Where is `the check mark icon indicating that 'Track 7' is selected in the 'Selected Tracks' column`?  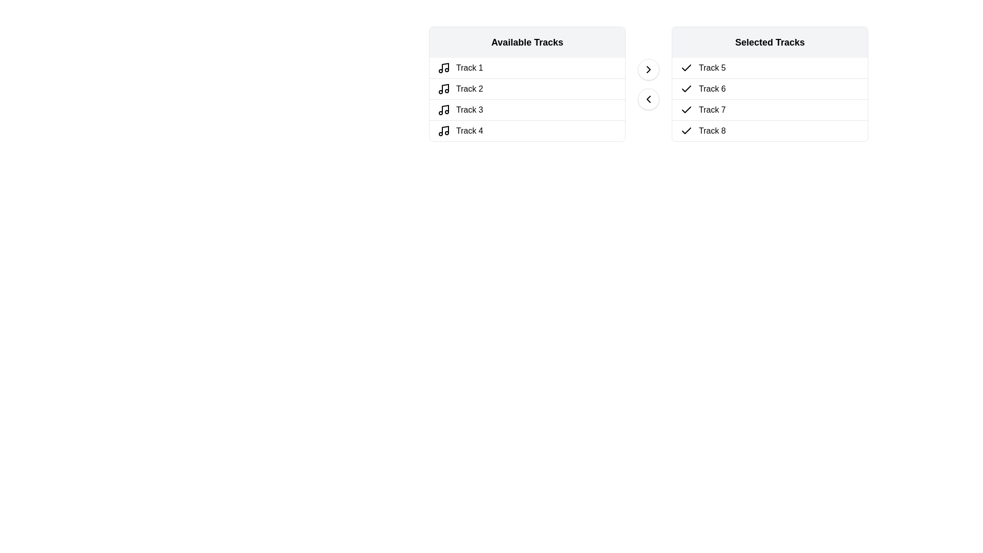 the check mark icon indicating that 'Track 7' is selected in the 'Selected Tracks' column is located at coordinates (686, 110).